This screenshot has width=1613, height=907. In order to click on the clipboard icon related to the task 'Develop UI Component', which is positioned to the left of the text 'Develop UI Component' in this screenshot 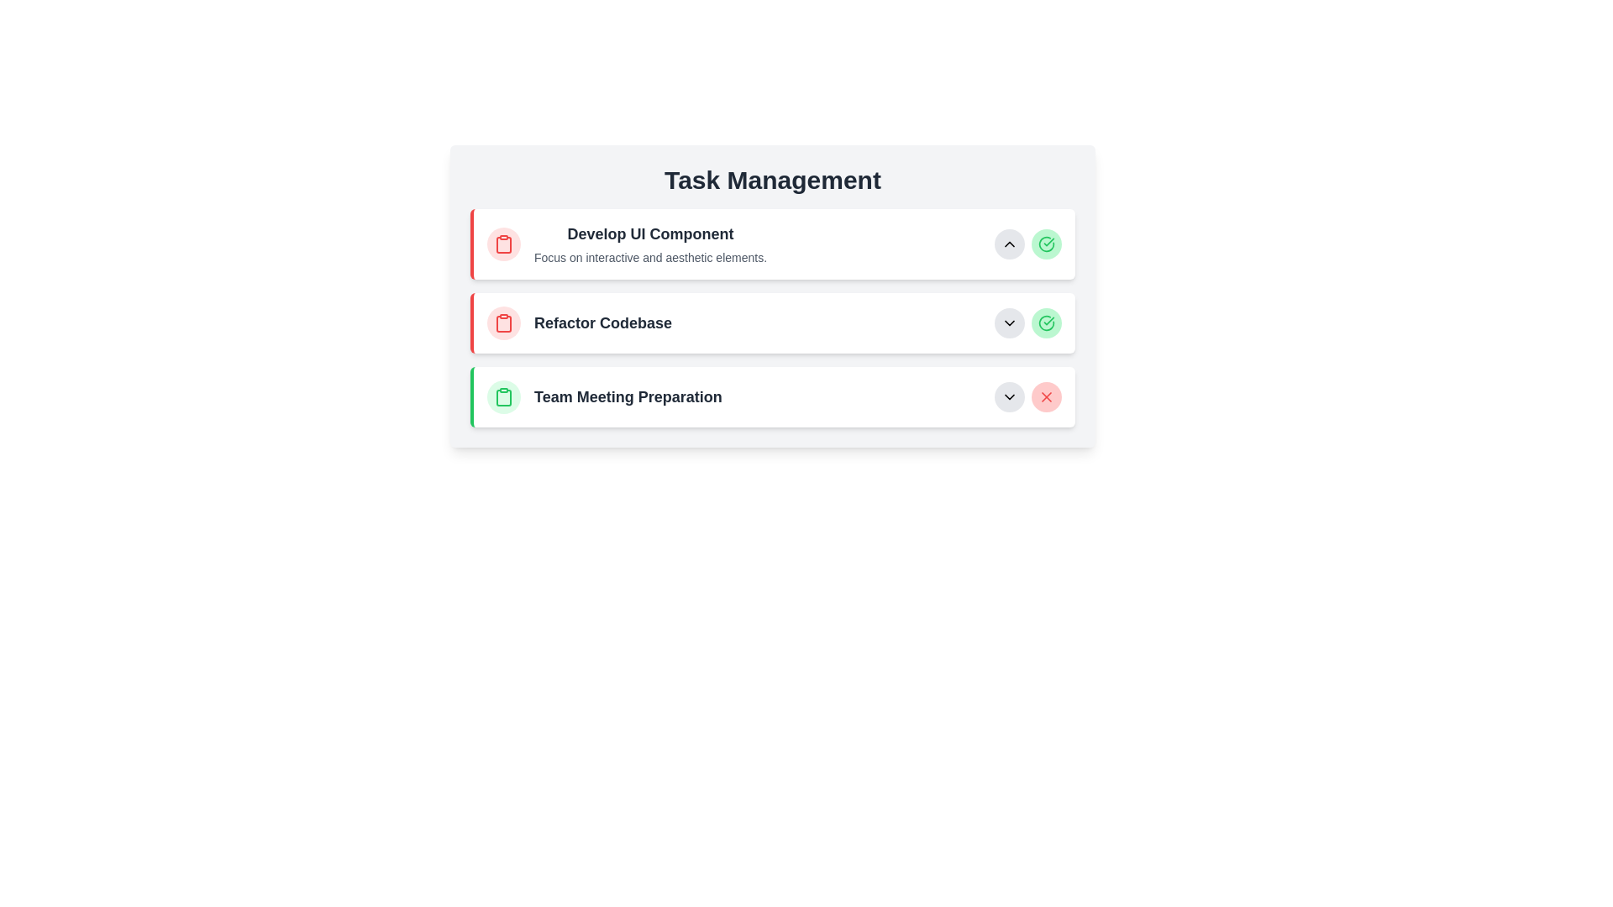, I will do `click(503, 245)`.